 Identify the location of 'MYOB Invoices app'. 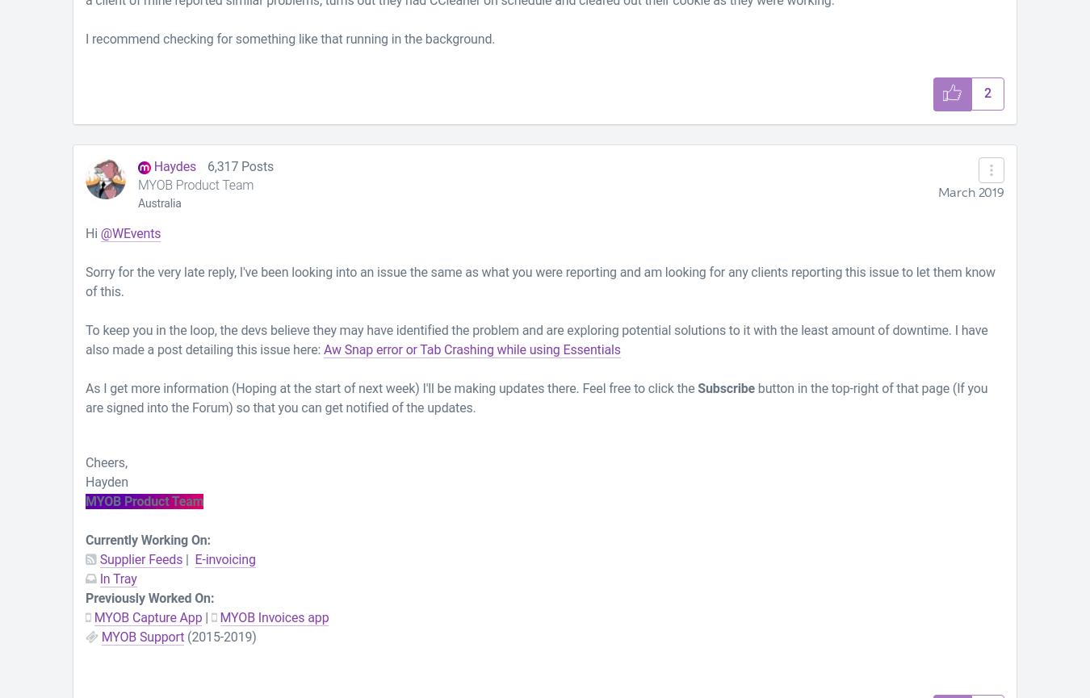
(274, 616).